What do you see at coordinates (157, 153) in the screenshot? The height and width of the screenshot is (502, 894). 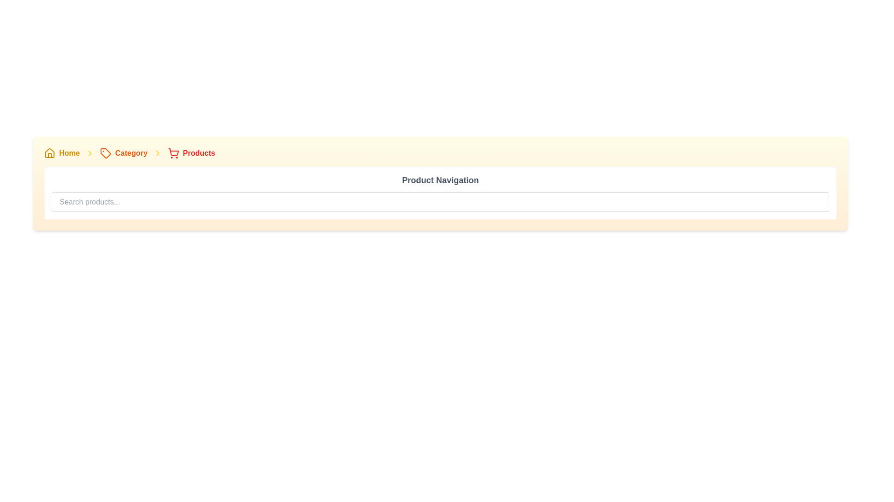 I see `the rightmost chevron arrow icon in the breadcrumb navigation bar, which separates 'Category' and 'Products' items and indicates navigation flow to the right` at bounding box center [157, 153].